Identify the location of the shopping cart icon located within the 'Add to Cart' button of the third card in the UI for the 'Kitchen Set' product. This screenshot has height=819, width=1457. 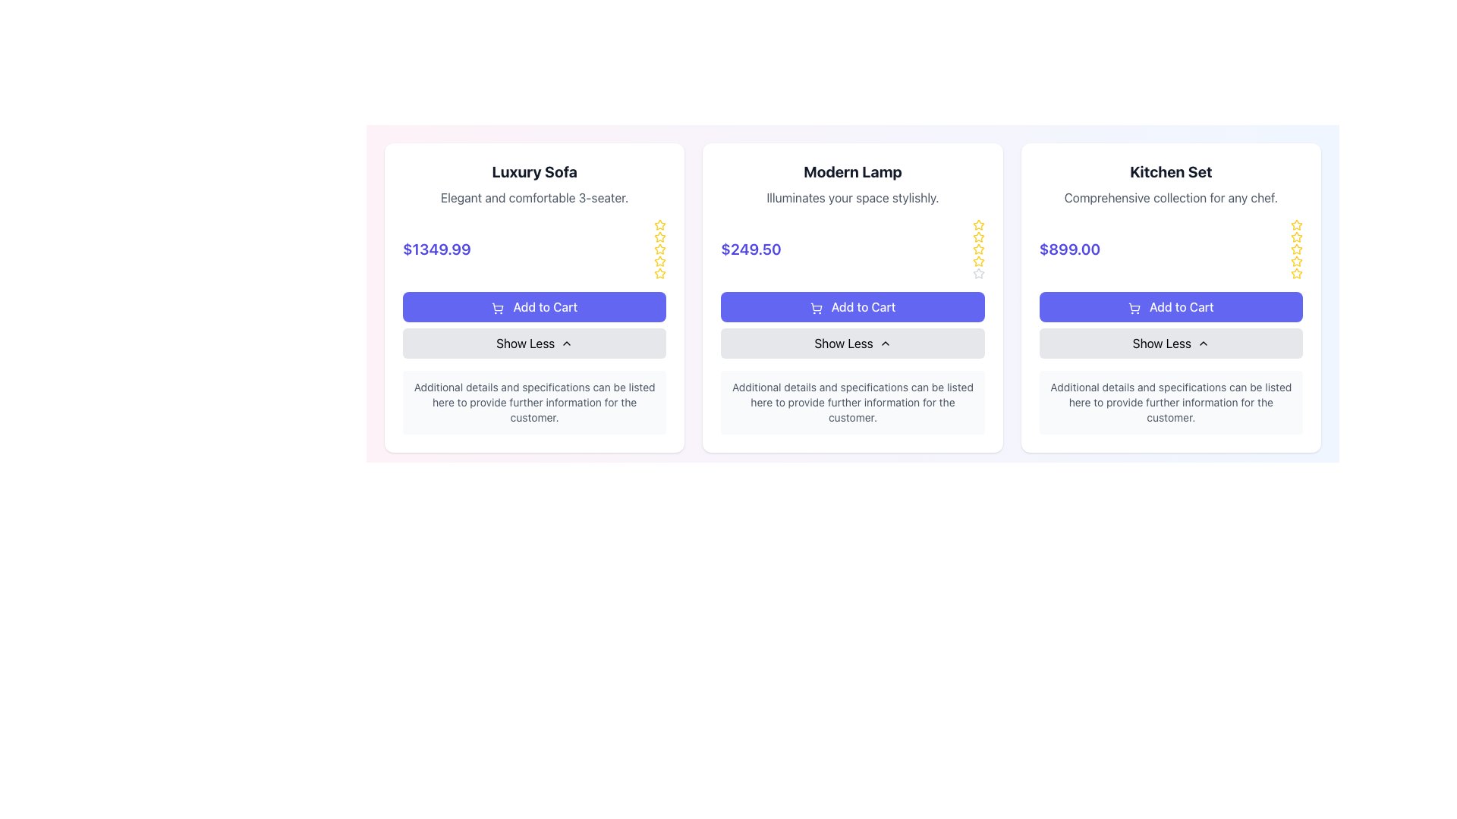
(1134, 307).